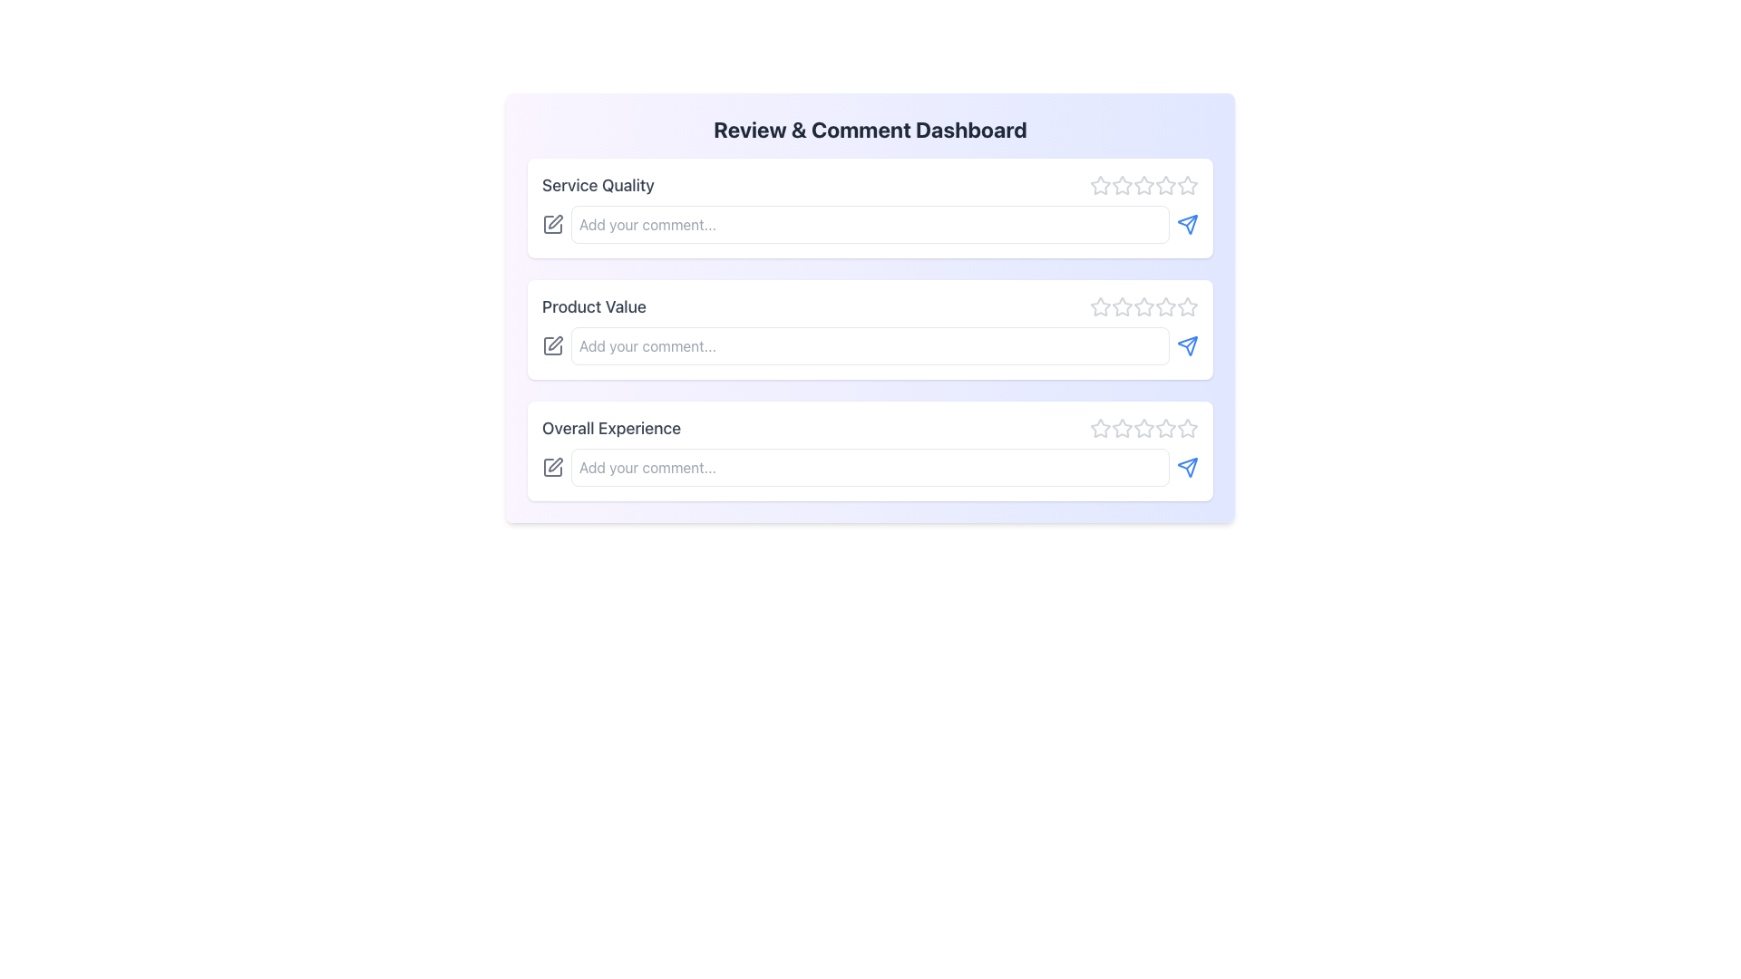  I want to click on the sixth rating star in the 'Product Value' section, so click(1166, 306).